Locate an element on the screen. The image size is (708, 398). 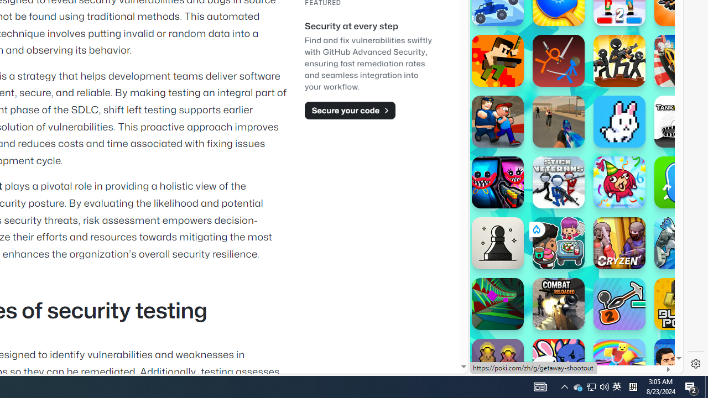
'Combat Reloaded' is located at coordinates (558, 304).